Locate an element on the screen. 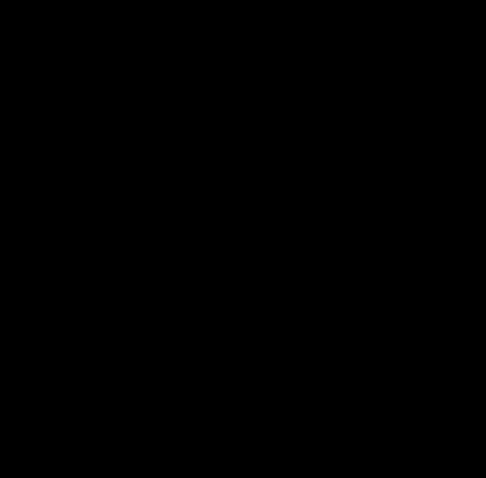 The height and width of the screenshot is (478, 486). 'Darrin McElroy, Liberty Hill Equity Partners' is located at coordinates (82, 237).